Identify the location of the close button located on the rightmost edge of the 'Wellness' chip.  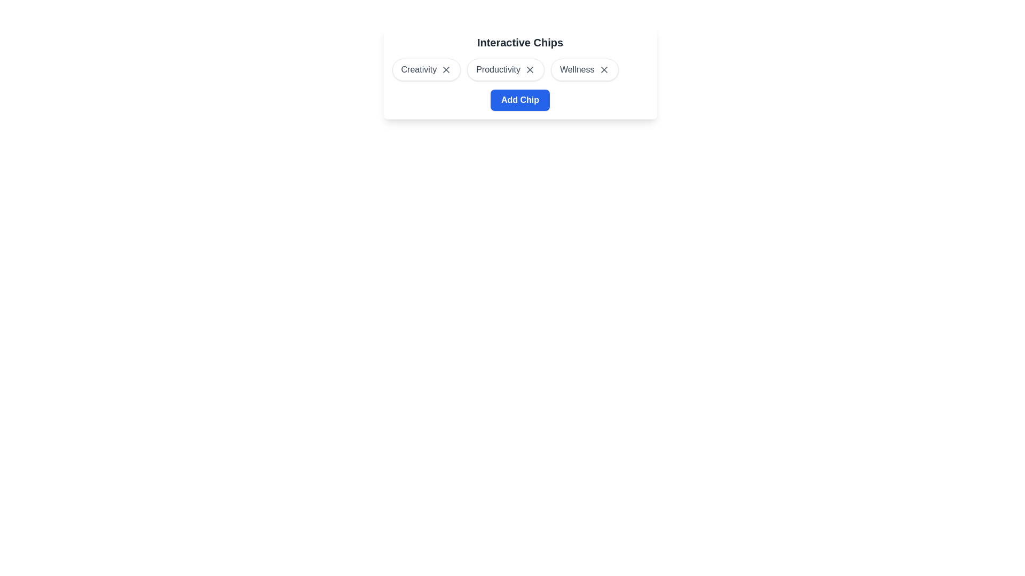
(604, 70).